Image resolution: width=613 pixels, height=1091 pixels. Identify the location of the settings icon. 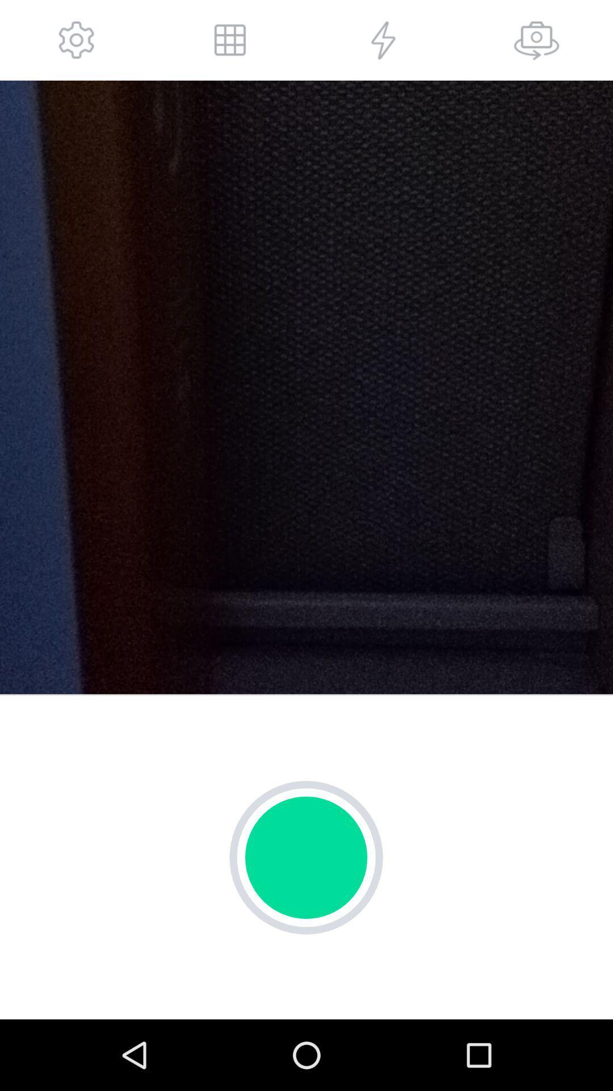
(77, 43).